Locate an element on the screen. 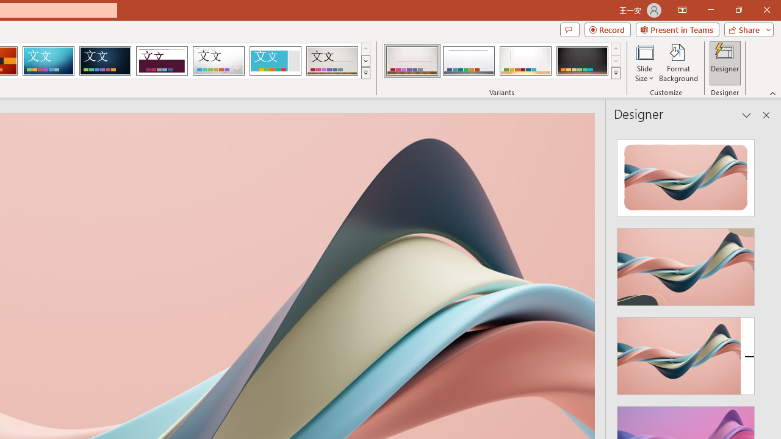  'Dividend' is located at coordinates (161, 61).